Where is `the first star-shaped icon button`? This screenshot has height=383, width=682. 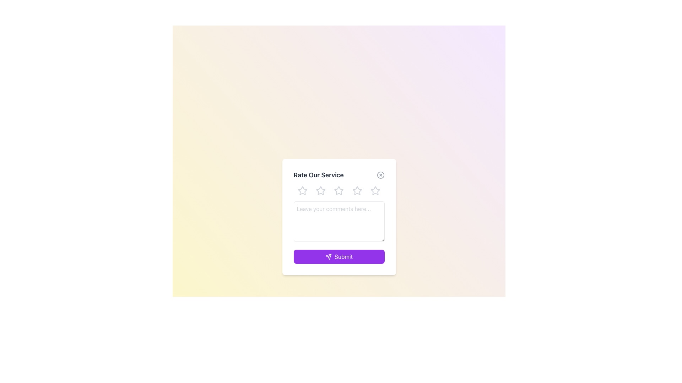 the first star-shaped icon button is located at coordinates (302, 190).